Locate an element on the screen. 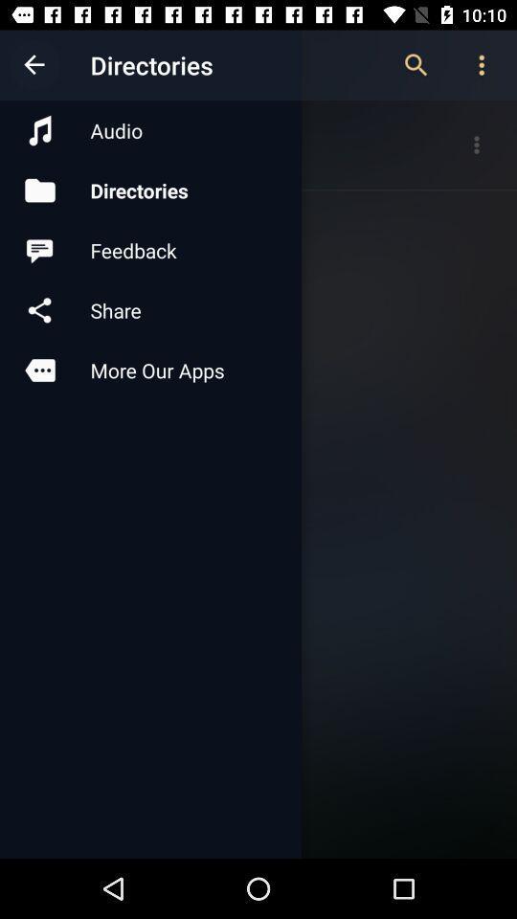 The width and height of the screenshot is (517, 919). the item to the left of the directories item is located at coordinates (34, 65).